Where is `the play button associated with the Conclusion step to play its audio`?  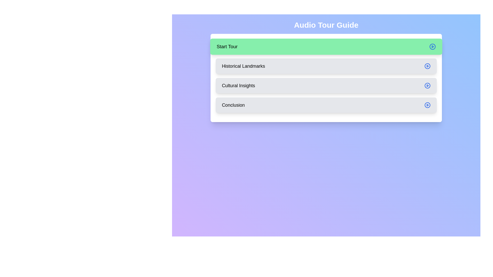 the play button associated with the Conclusion step to play its audio is located at coordinates (427, 105).